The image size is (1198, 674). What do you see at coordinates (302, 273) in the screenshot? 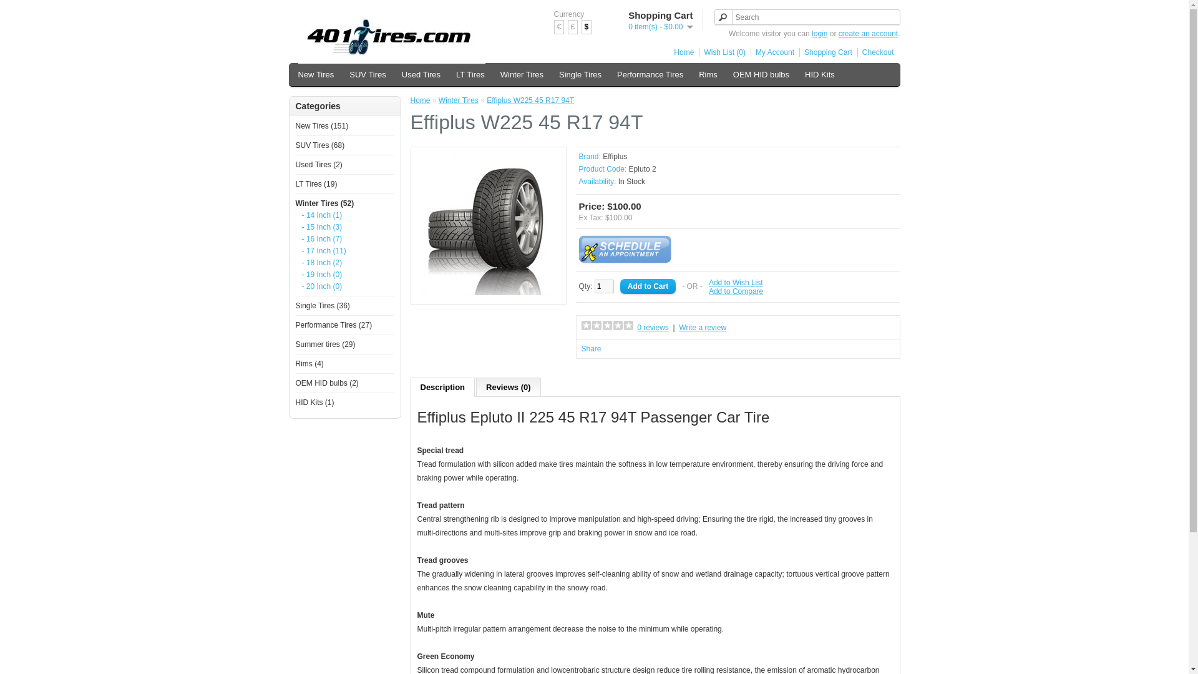
I see `'- 19 Inch (0)'` at bounding box center [302, 273].